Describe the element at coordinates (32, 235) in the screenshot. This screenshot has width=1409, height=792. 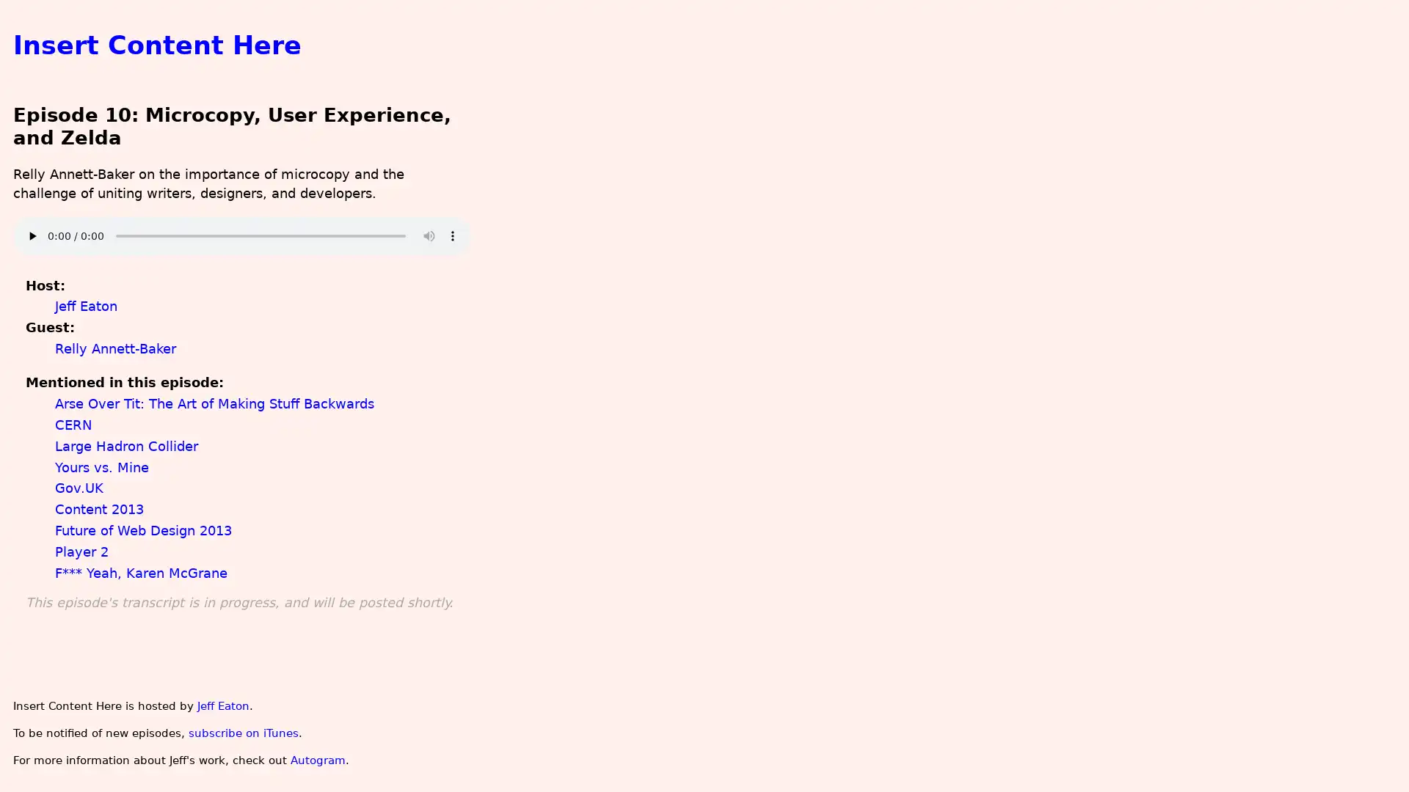
I see `play` at that location.